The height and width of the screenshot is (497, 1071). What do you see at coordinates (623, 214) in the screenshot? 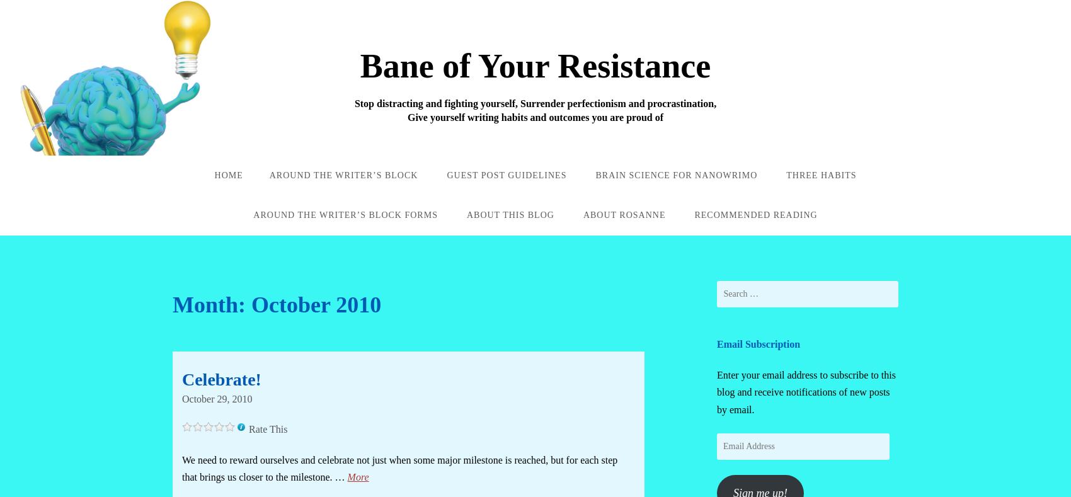
I see `'About Rosanne'` at bounding box center [623, 214].